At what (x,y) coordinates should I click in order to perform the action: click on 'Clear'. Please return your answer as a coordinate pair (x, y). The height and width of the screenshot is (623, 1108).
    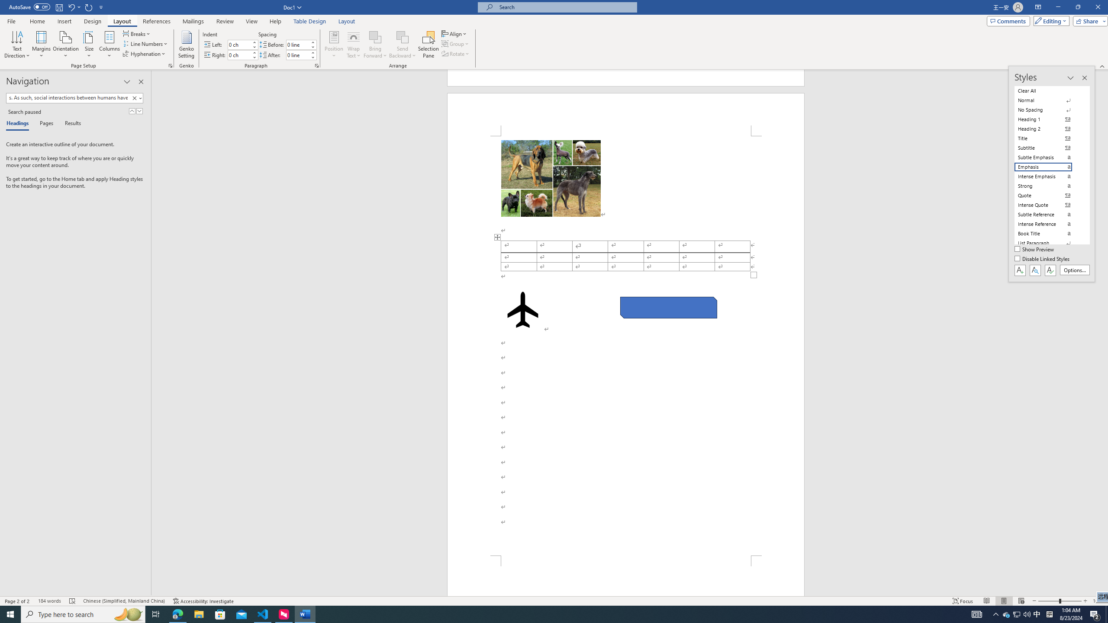
    Looking at the image, I should click on (134, 97).